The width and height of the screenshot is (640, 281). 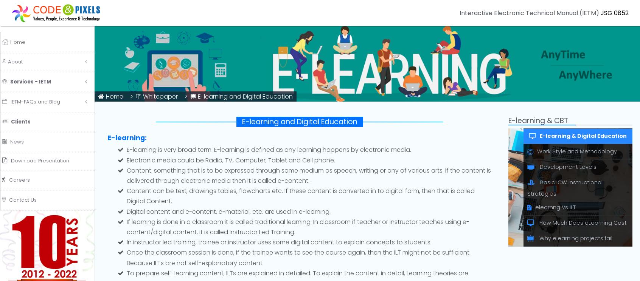 What do you see at coordinates (37, 69) in the screenshot?
I see `'Services - IETM'` at bounding box center [37, 69].